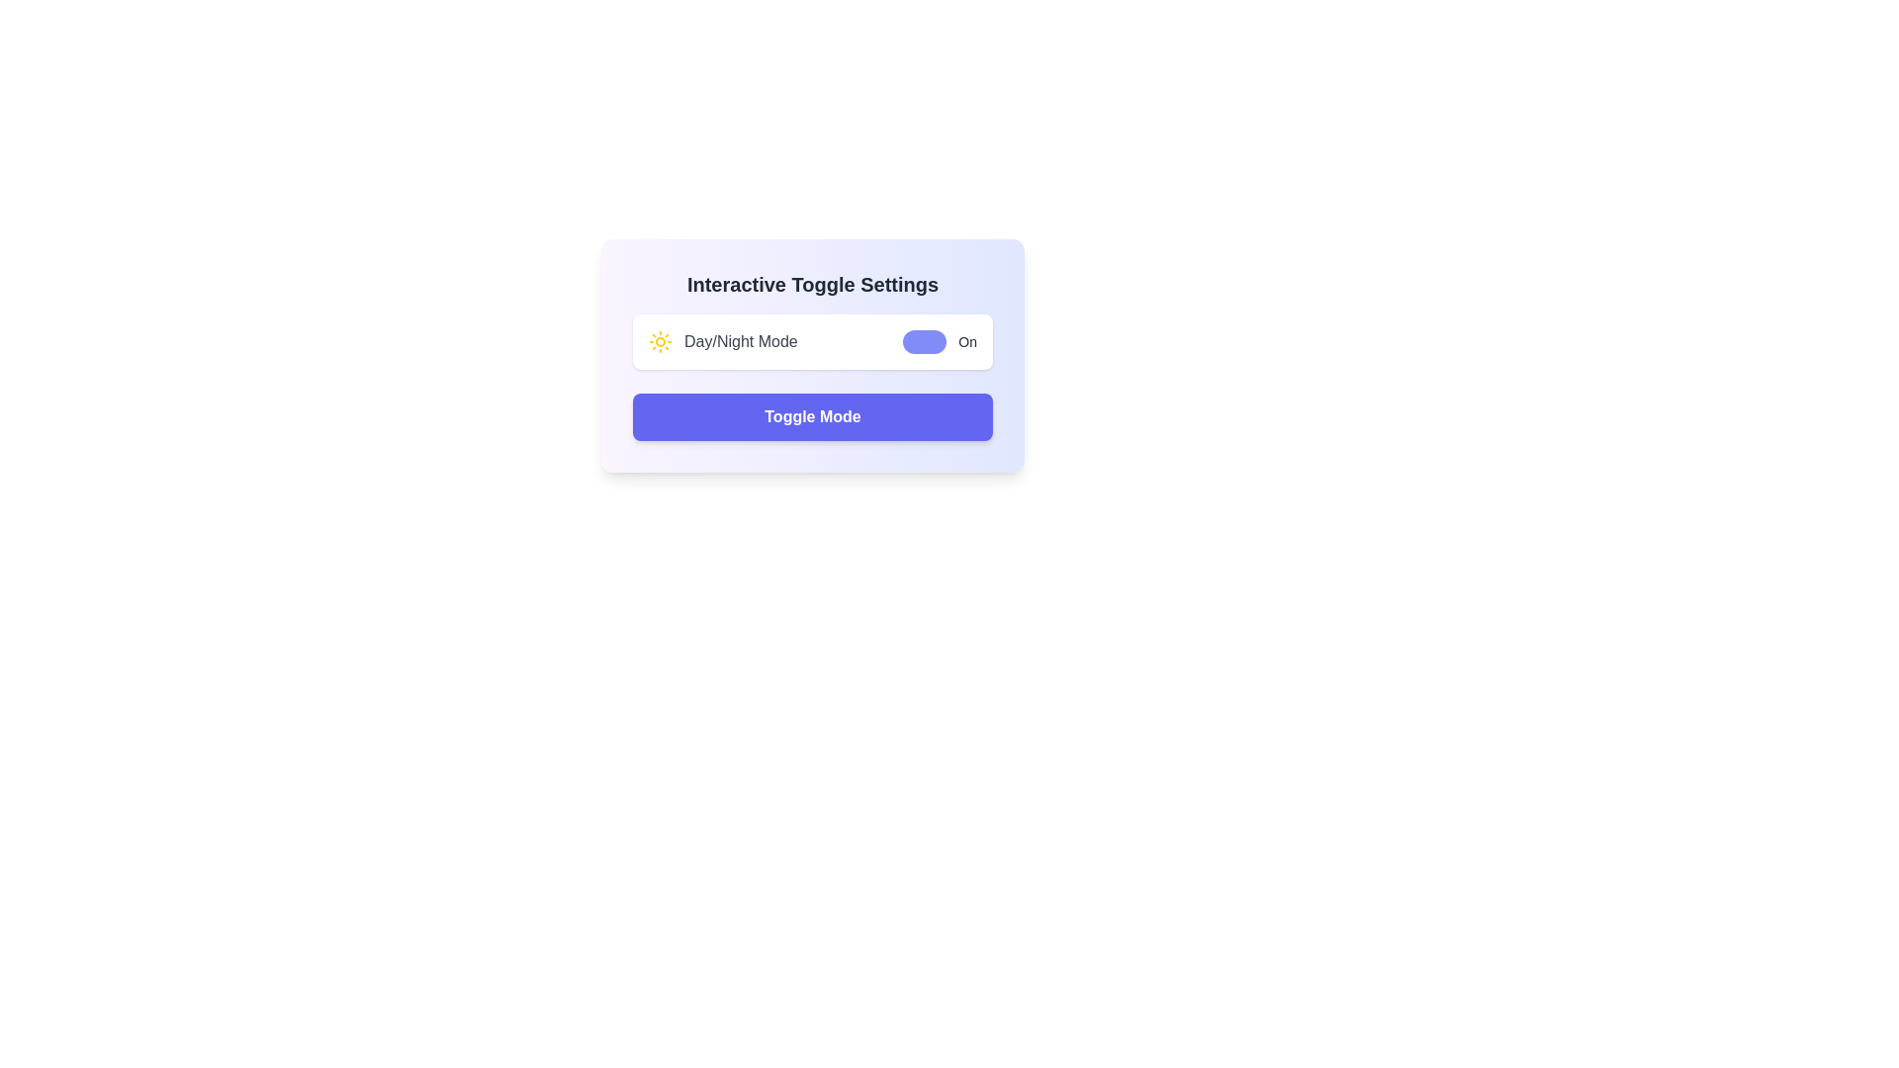  What do you see at coordinates (939, 341) in the screenshot?
I see `the toggle switch labeled 'On' located` at bounding box center [939, 341].